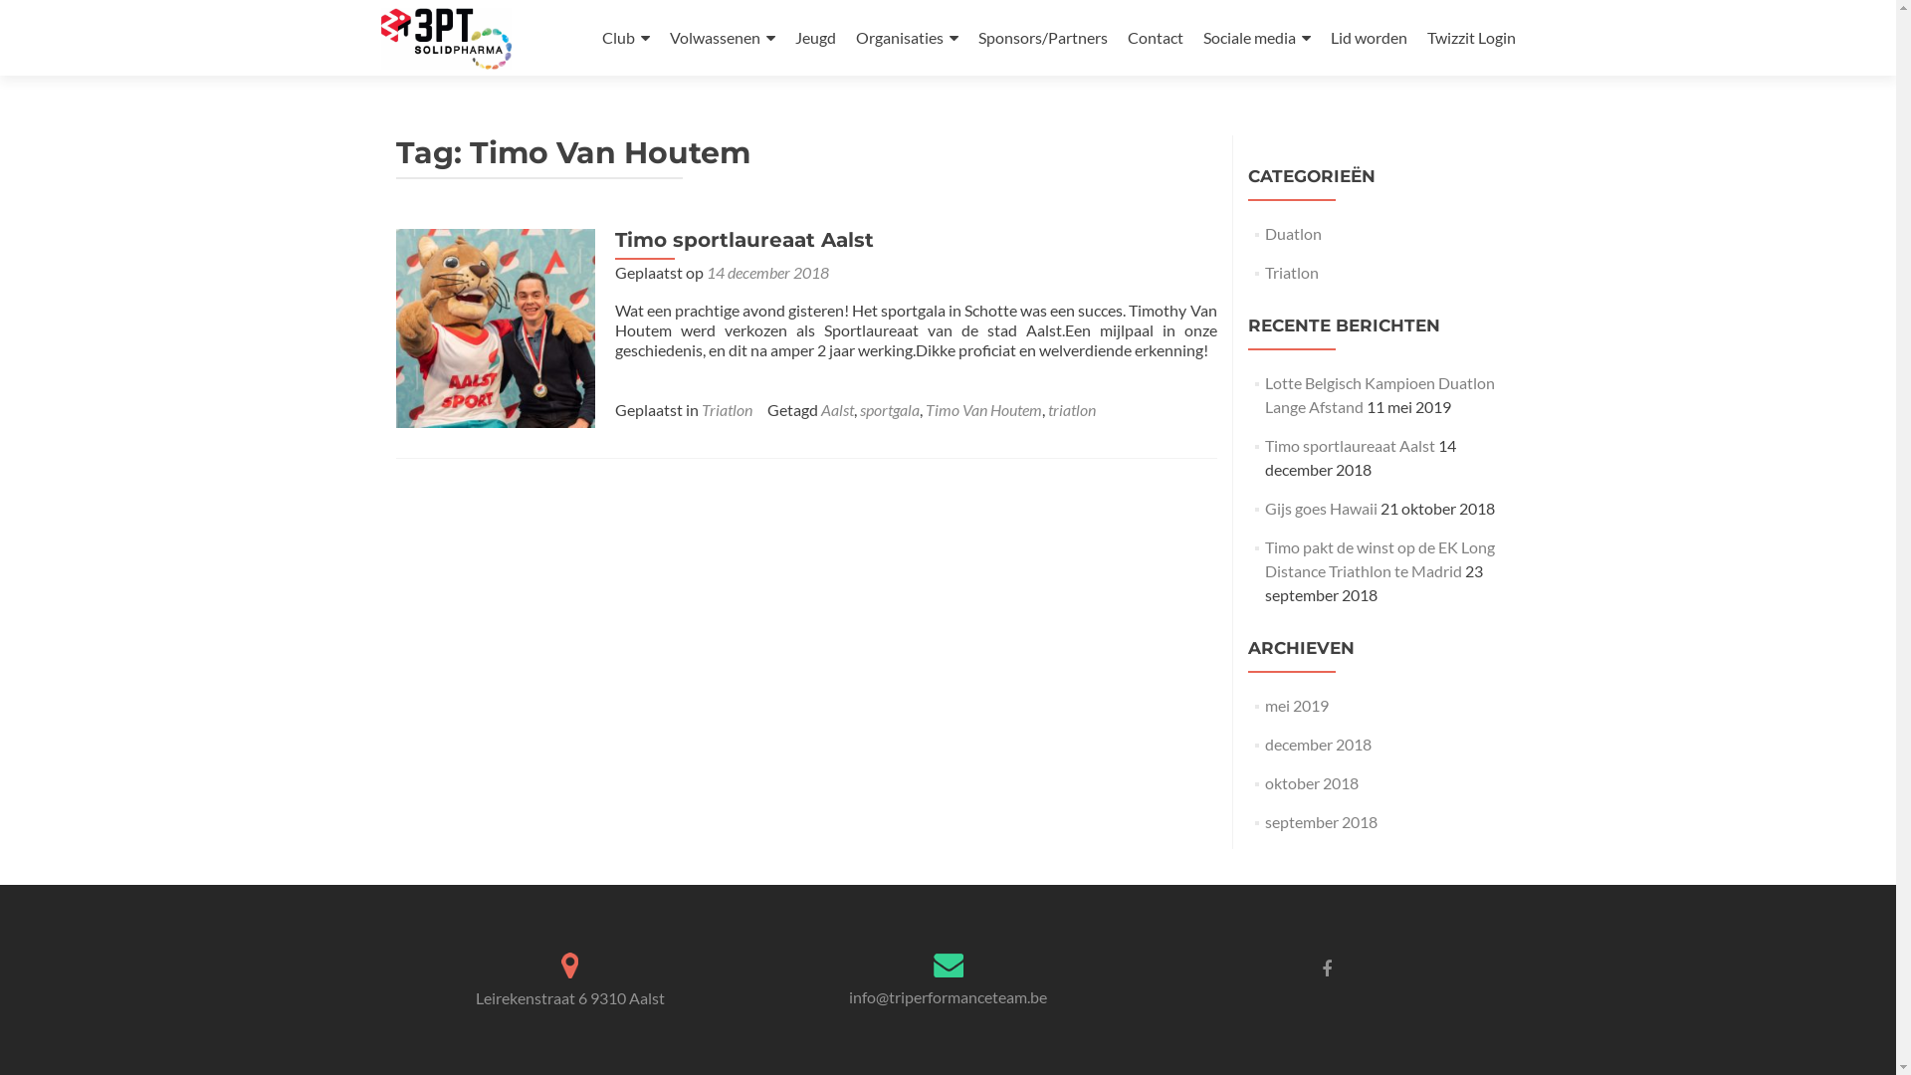 This screenshot has width=1911, height=1075. Describe the element at coordinates (1379, 394) in the screenshot. I see `'Lotte Belgisch Kampioen Duatlon Lange Afstand'` at that location.